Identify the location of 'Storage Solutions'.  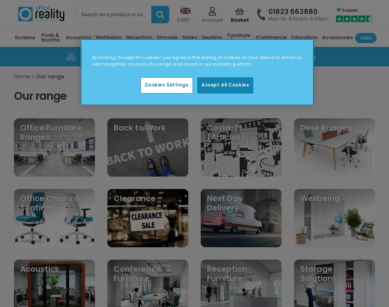
(318, 272).